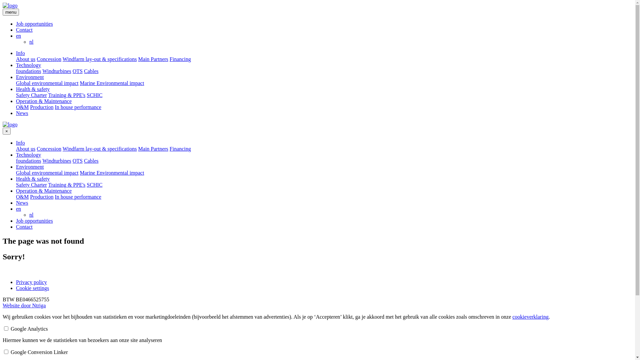 This screenshot has height=360, width=640. Describe the element at coordinates (78, 161) in the screenshot. I see `'OTS'` at that location.